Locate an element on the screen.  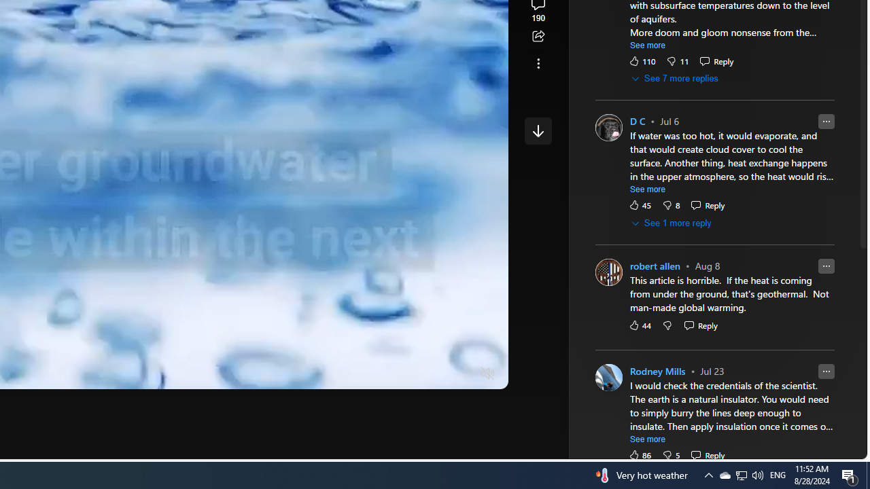
'See 1 more reply' is located at coordinates (672, 223).